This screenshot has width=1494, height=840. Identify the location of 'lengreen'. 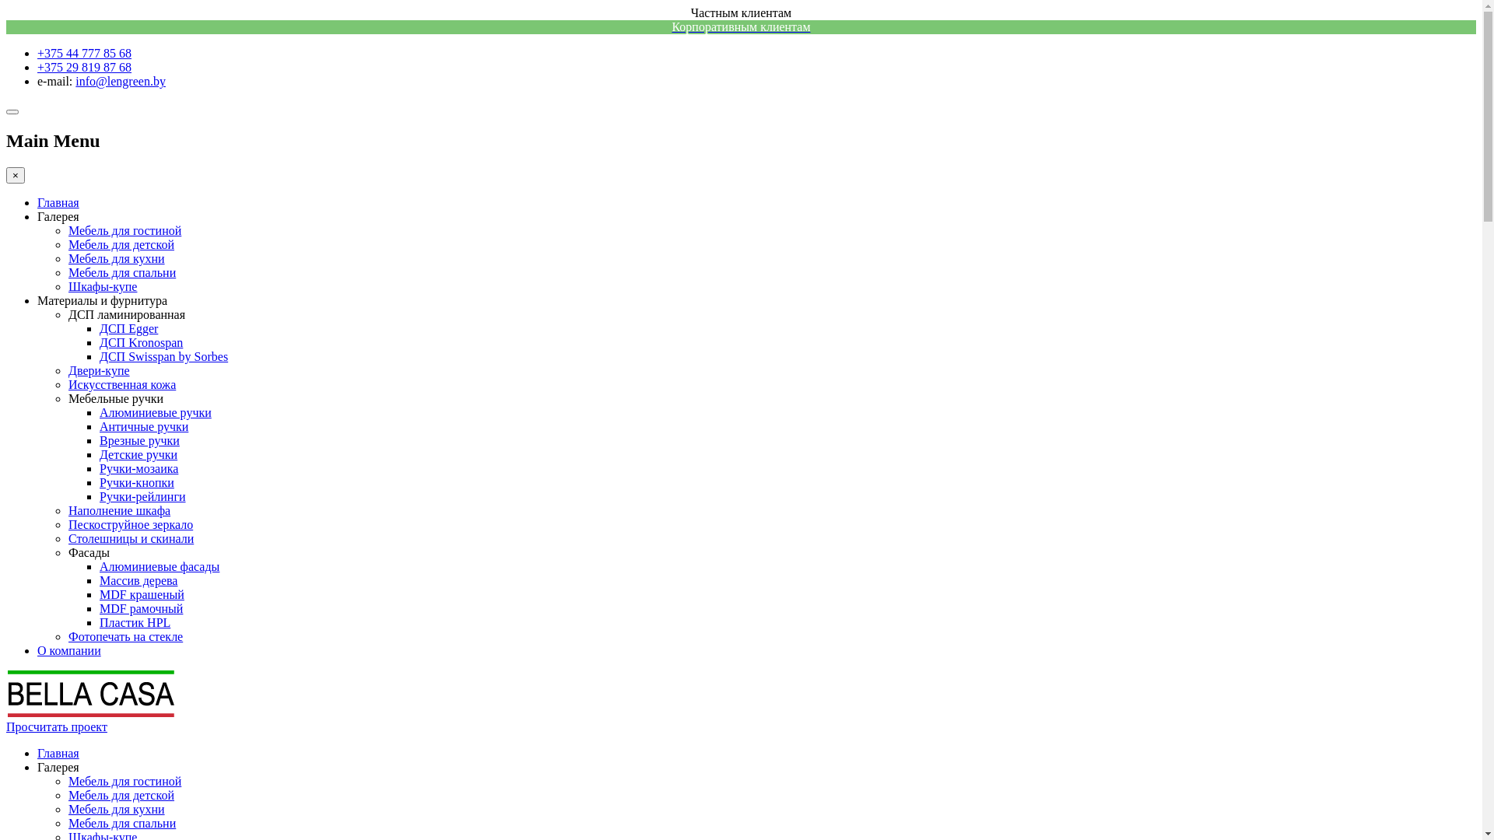
(89, 712).